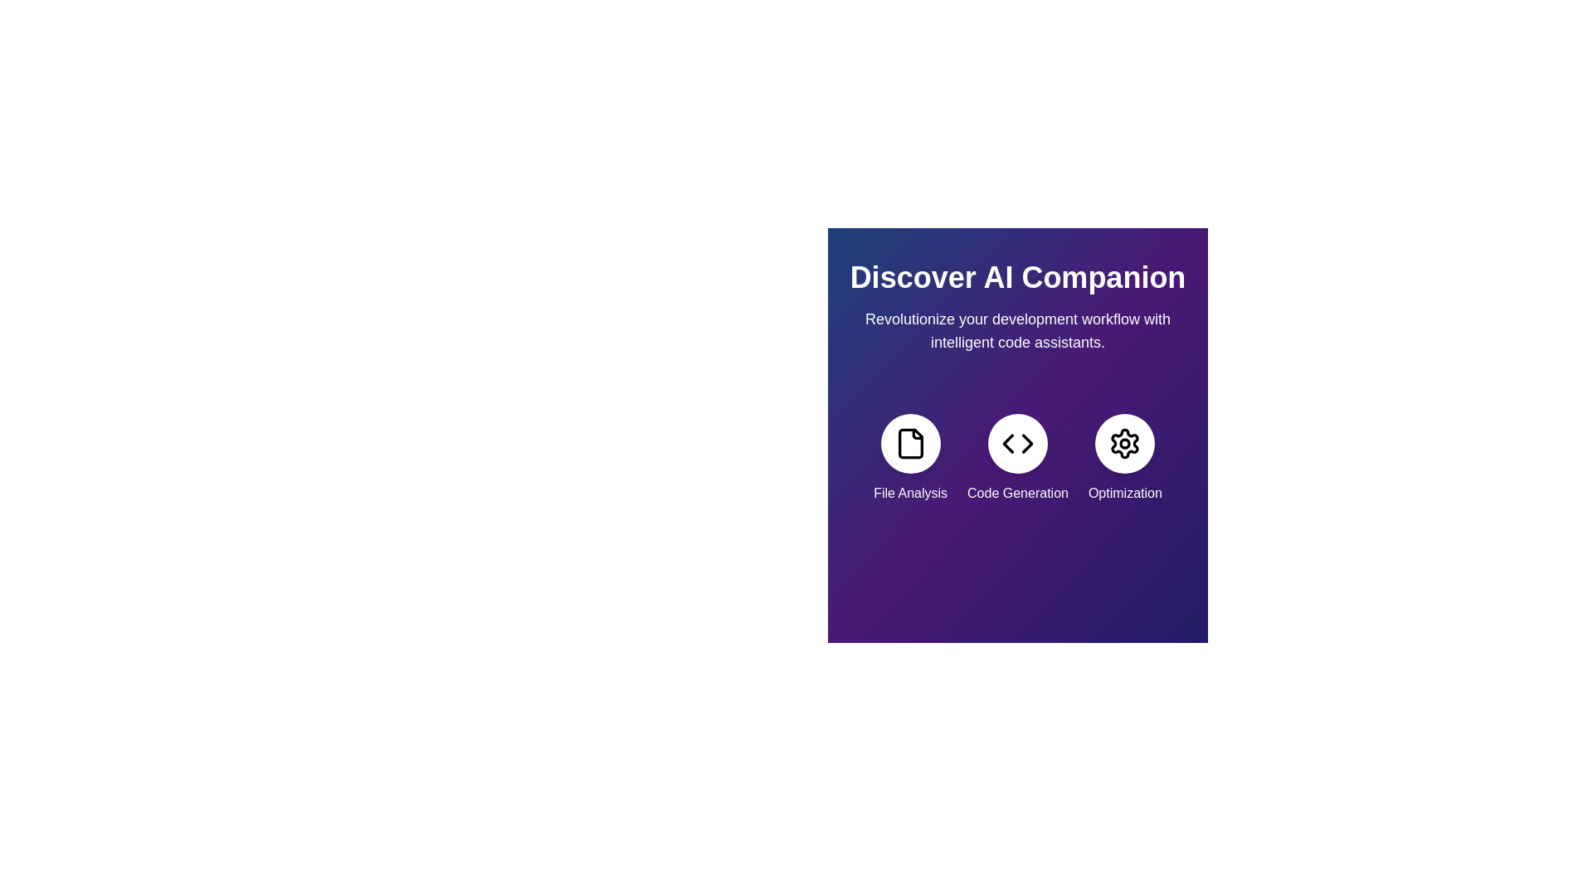 This screenshot has height=896, width=1593. I want to click on the middle icon resembling a pair of angled brackets, which is part of a set of three icons under the 'Discover AI Companion' header, so click(1017, 443).